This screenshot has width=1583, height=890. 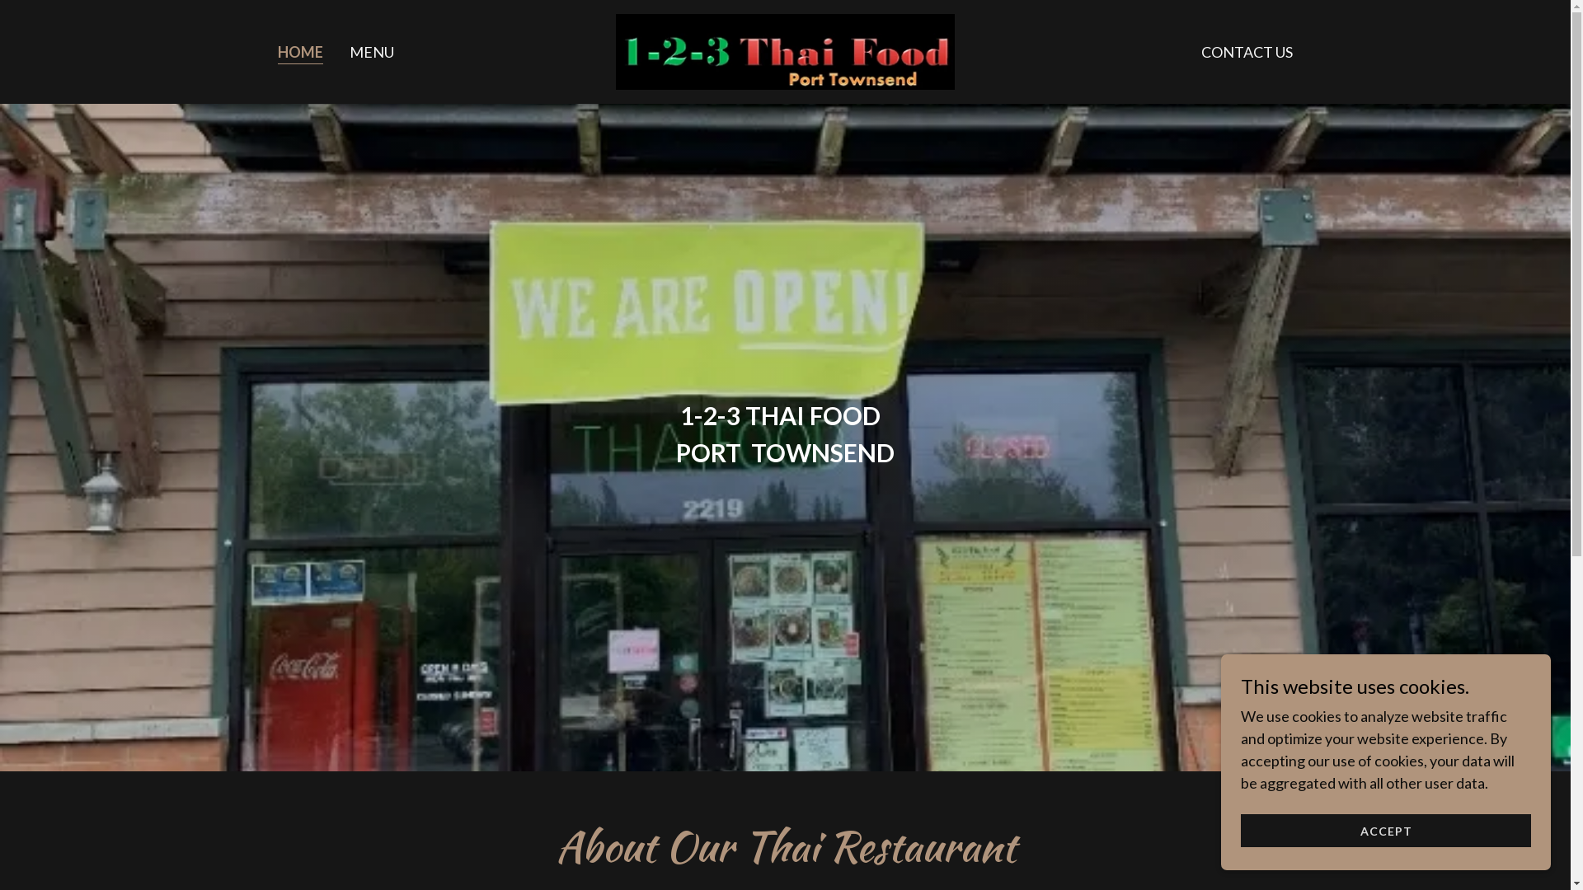 I want to click on '1-2-3 ThaiFood   Port Townsend', so click(x=784, y=49).